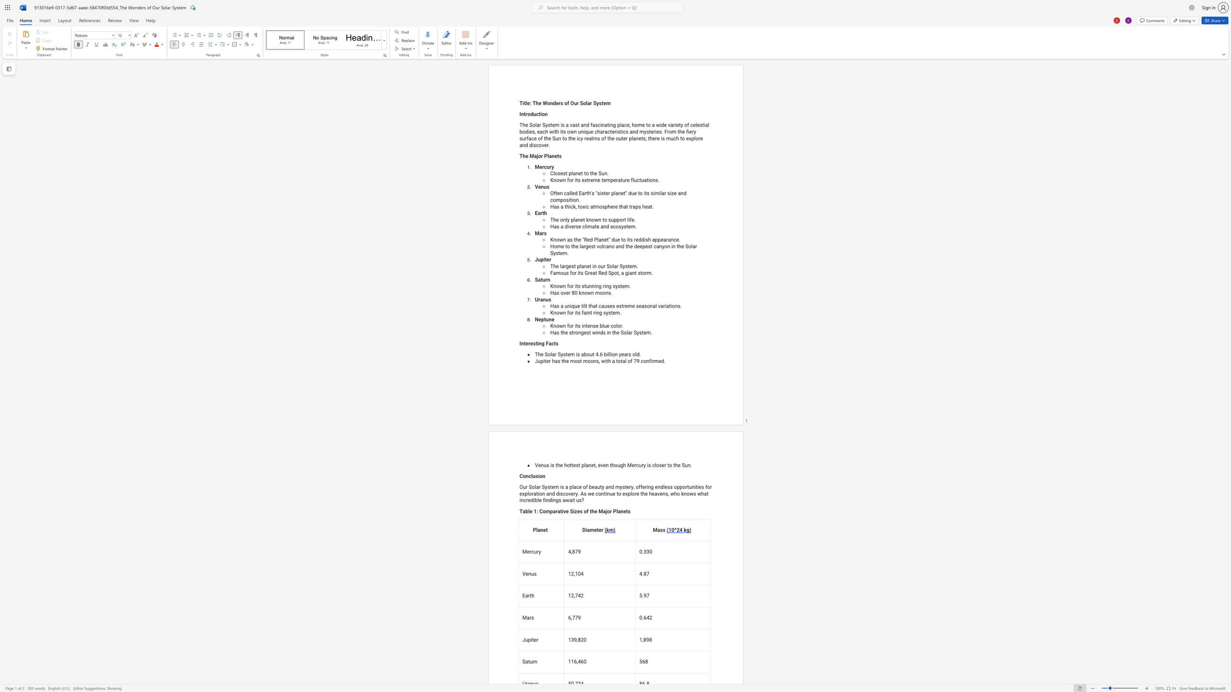 The width and height of the screenshot is (1231, 692). I want to click on the subset text "lusi" within the text "Conclusion", so click(531, 476).